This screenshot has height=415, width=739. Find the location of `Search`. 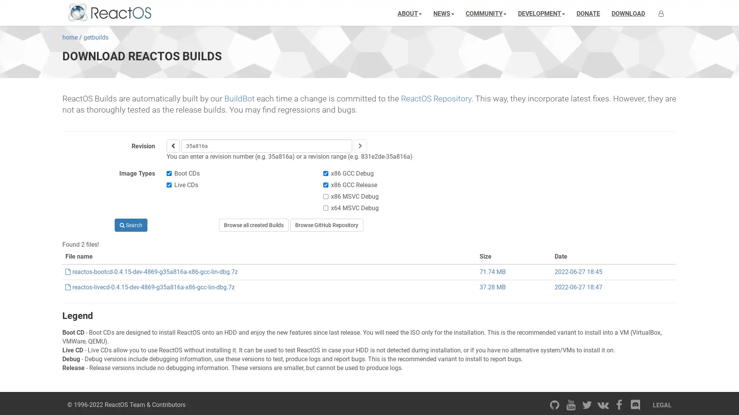

Search is located at coordinates (130, 225).